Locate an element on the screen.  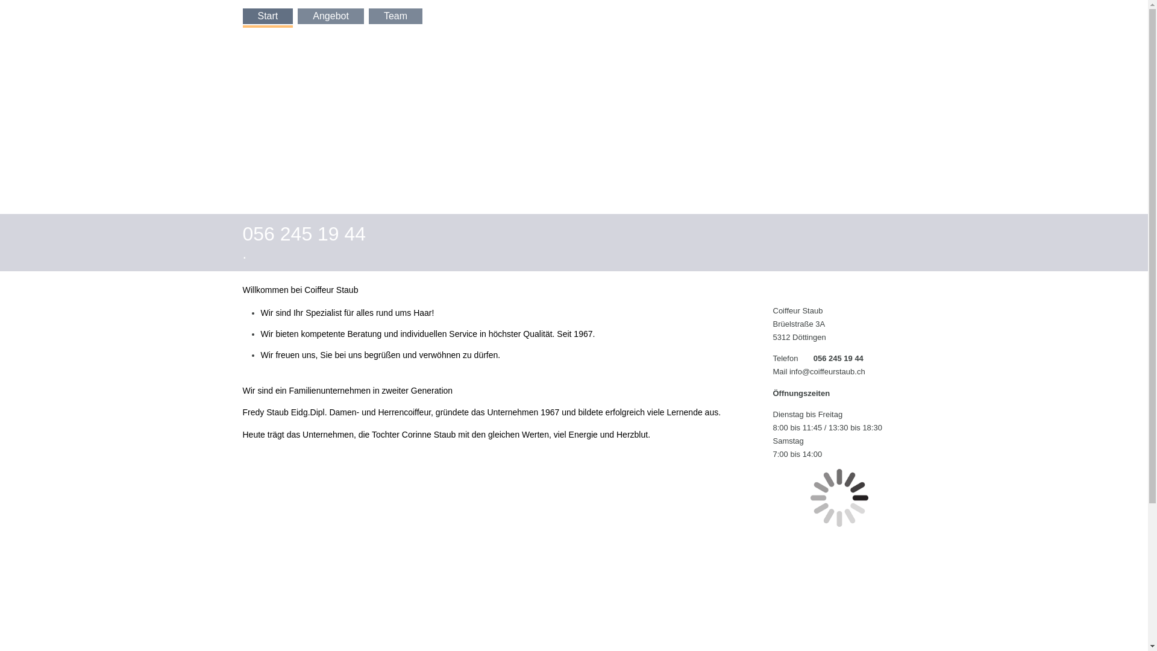
'Start' is located at coordinates (267, 16).